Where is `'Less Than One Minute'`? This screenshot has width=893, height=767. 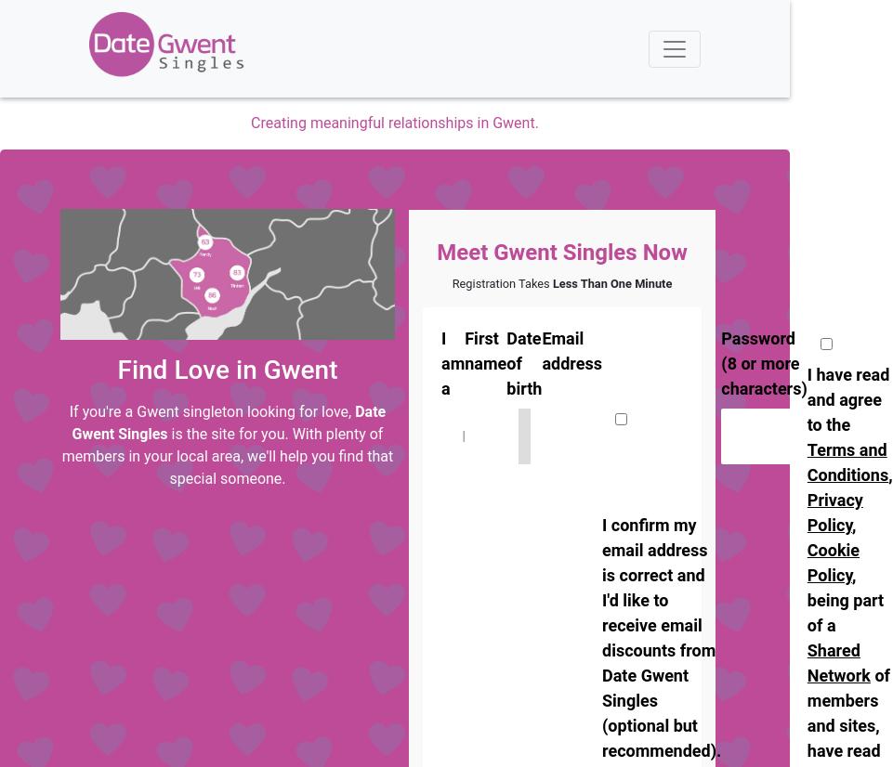
'Less Than One Minute' is located at coordinates (611, 282).